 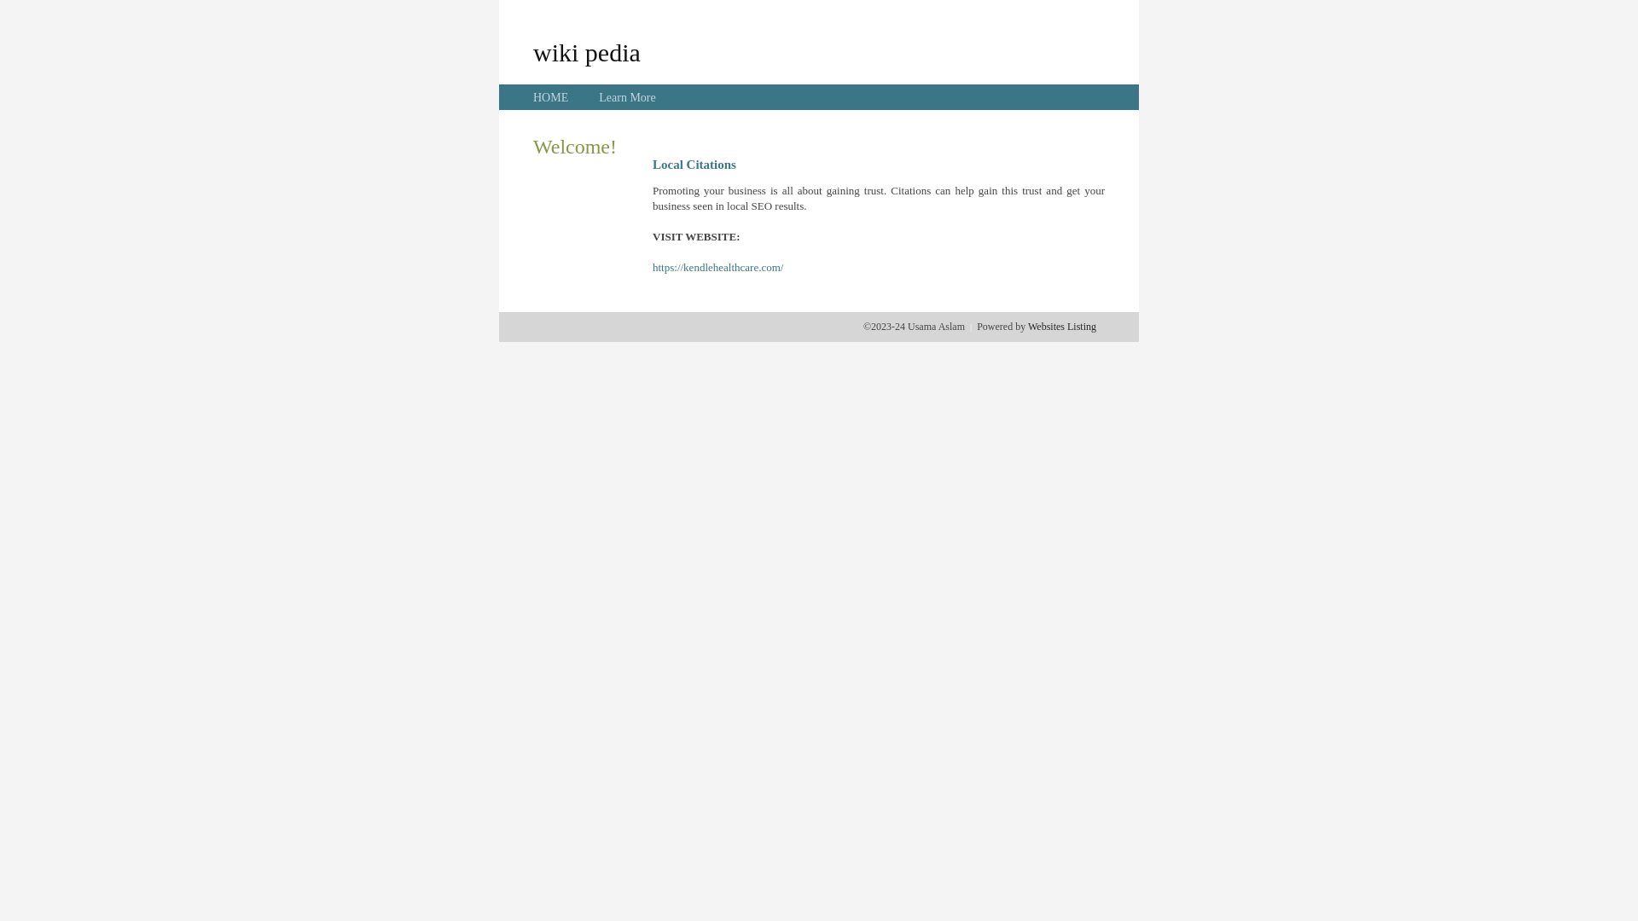 What do you see at coordinates (531, 97) in the screenshot?
I see `'HOME'` at bounding box center [531, 97].